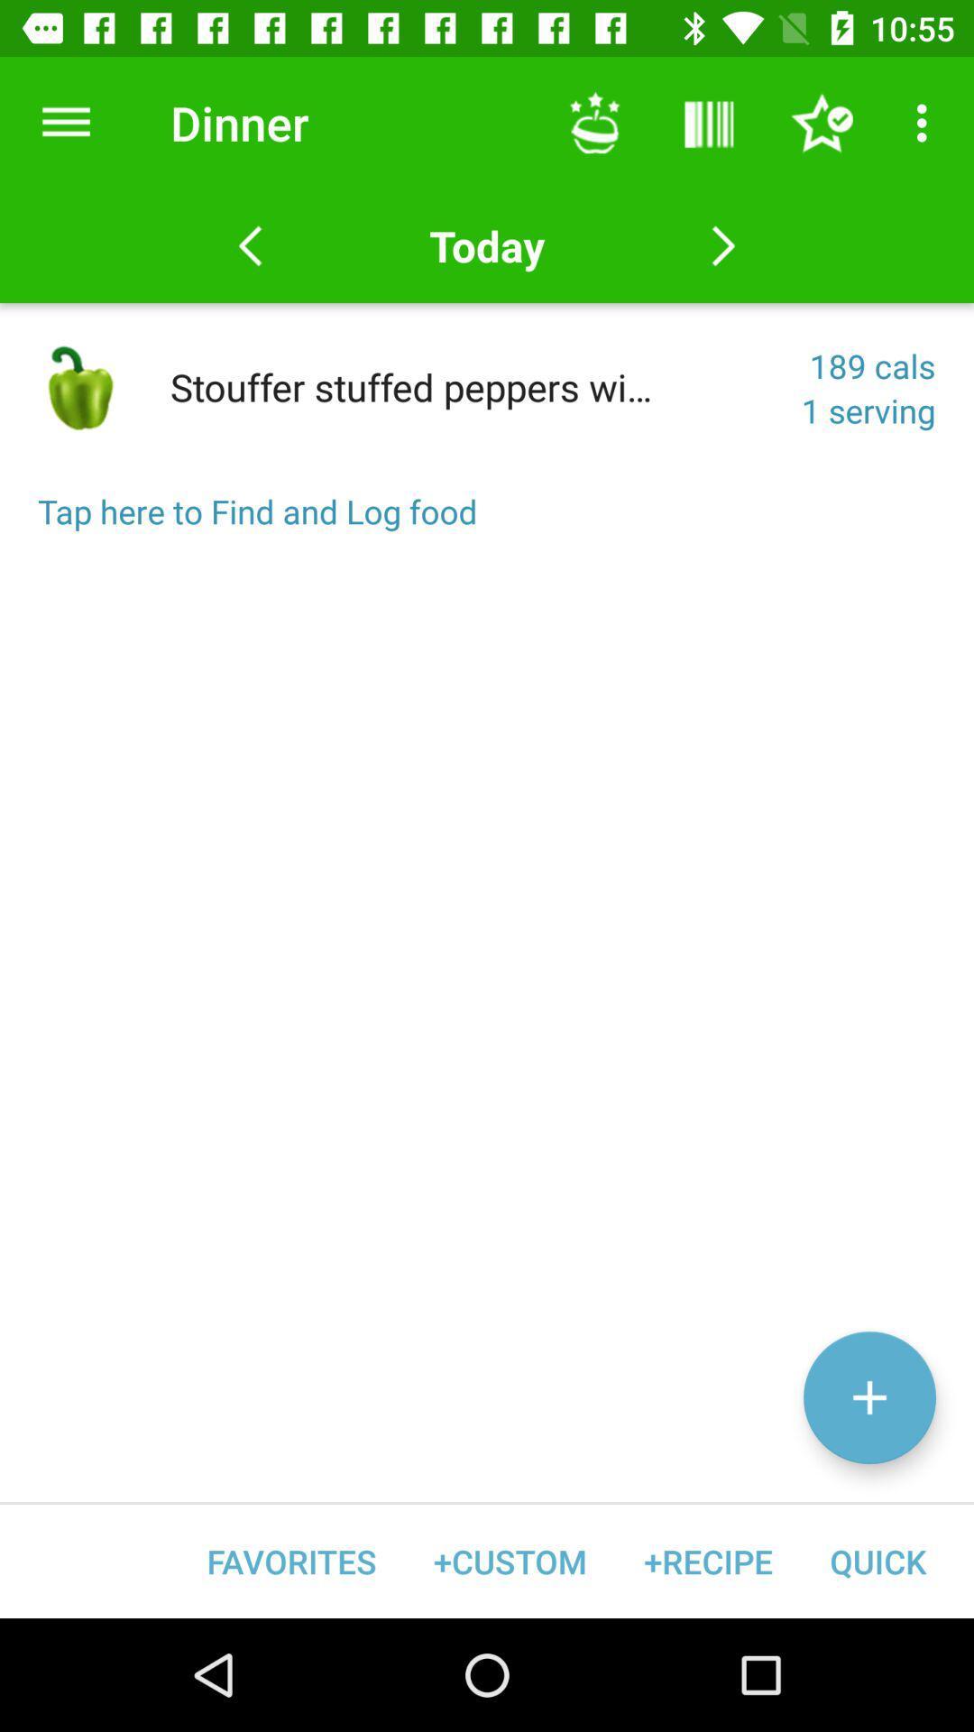  Describe the element at coordinates (877, 1561) in the screenshot. I see `icon to the right of the +recipe` at that location.